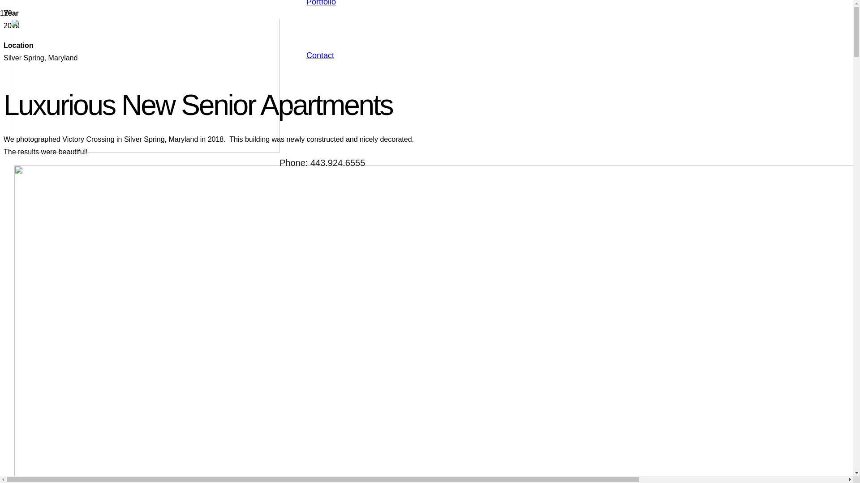  Describe the element at coordinates (320, 55) in the screenshot. I see `'Contact'` at that location.